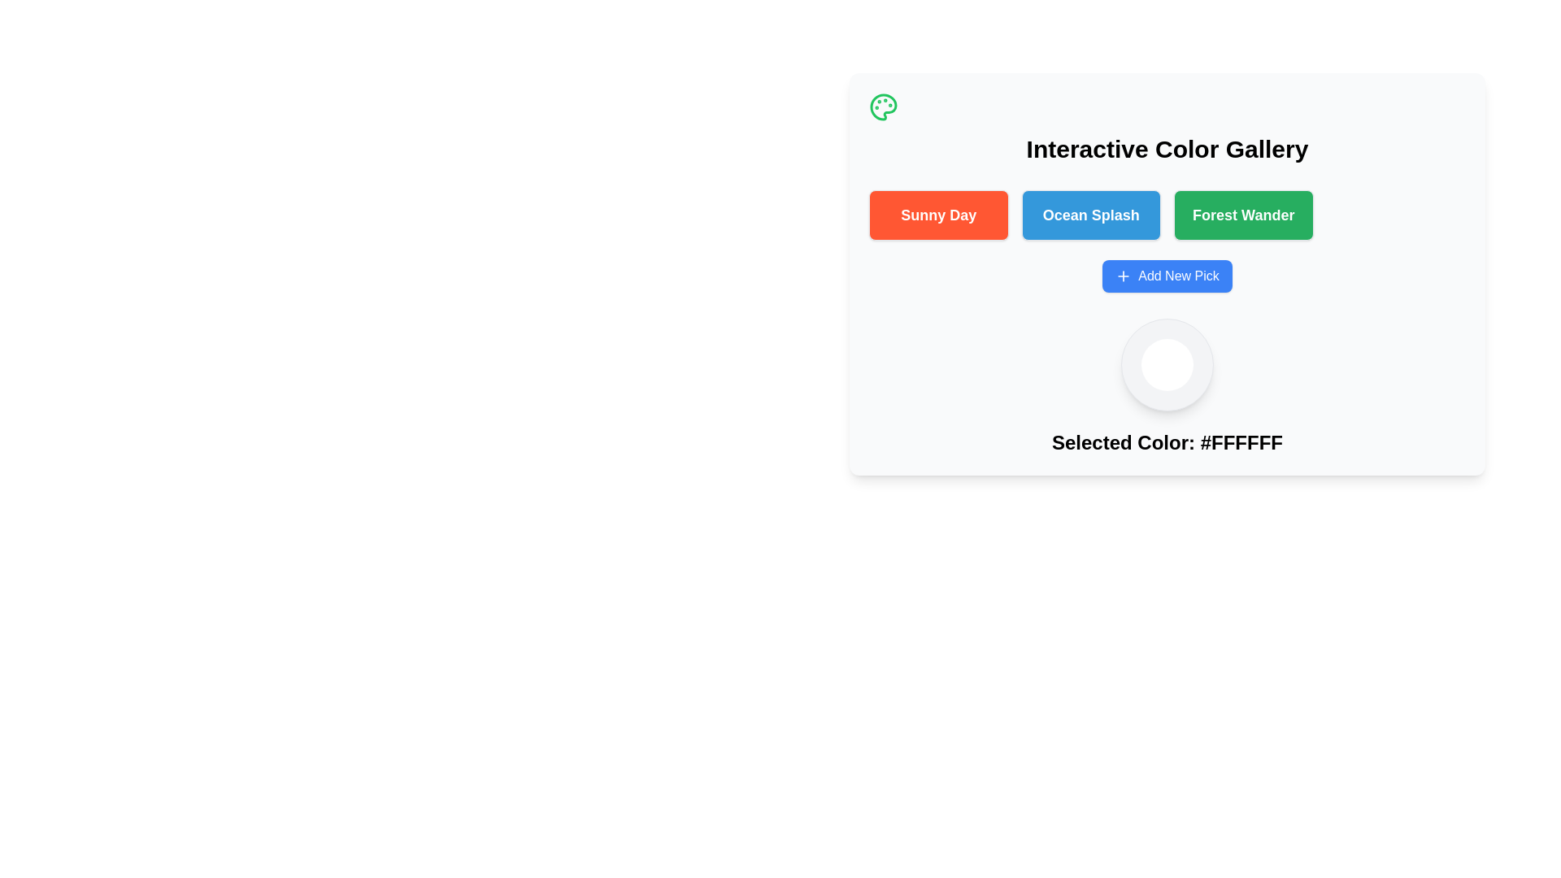 This screenshot has height=878, width=1561. What do you see at coordinates (1123, 275) in the screenshot?
I see `the small blue-colored plus icon next to the text 'Add New Pick' within the blue button` at bounding box center [1123, 275].